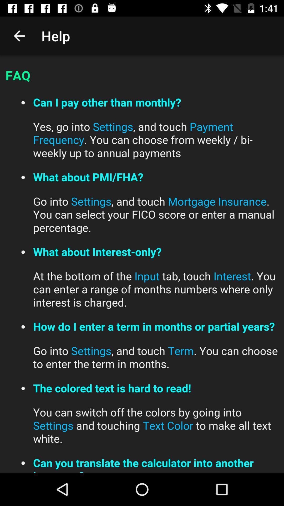 Image resolution: width=284 pixels, height=506 pixels. Describe the element at coordinates (142, 264) in the screenshot. I see `read faqs` at that location.